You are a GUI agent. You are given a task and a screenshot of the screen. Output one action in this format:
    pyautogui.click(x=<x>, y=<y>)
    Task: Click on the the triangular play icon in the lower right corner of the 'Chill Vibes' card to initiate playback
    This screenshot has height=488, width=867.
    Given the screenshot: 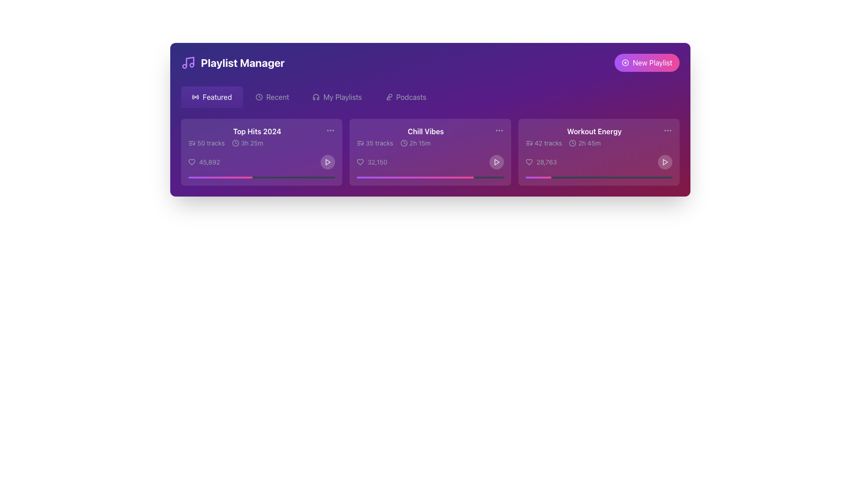 What is the action you would take?
    pyautogui.click(x=496, y=161)
    